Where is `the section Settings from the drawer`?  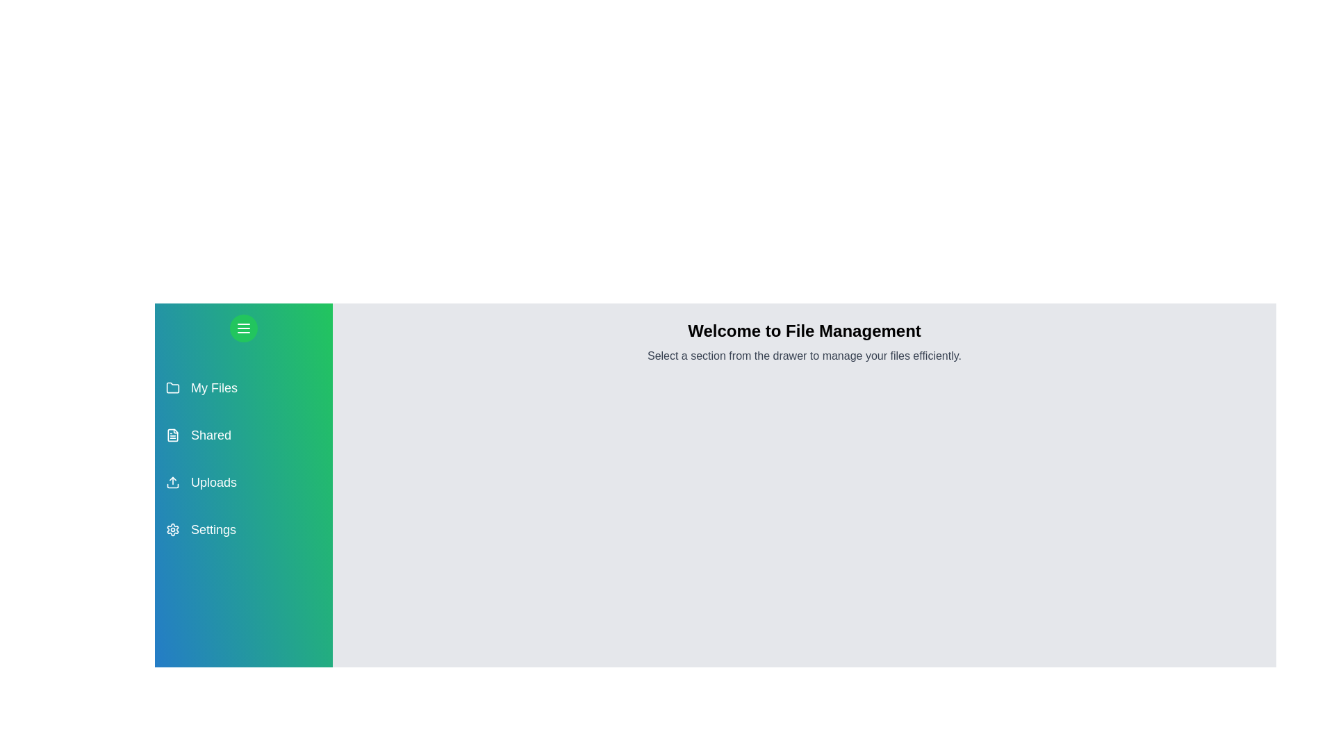
the section Settings from the drawer is located at coordinates (243, 530).